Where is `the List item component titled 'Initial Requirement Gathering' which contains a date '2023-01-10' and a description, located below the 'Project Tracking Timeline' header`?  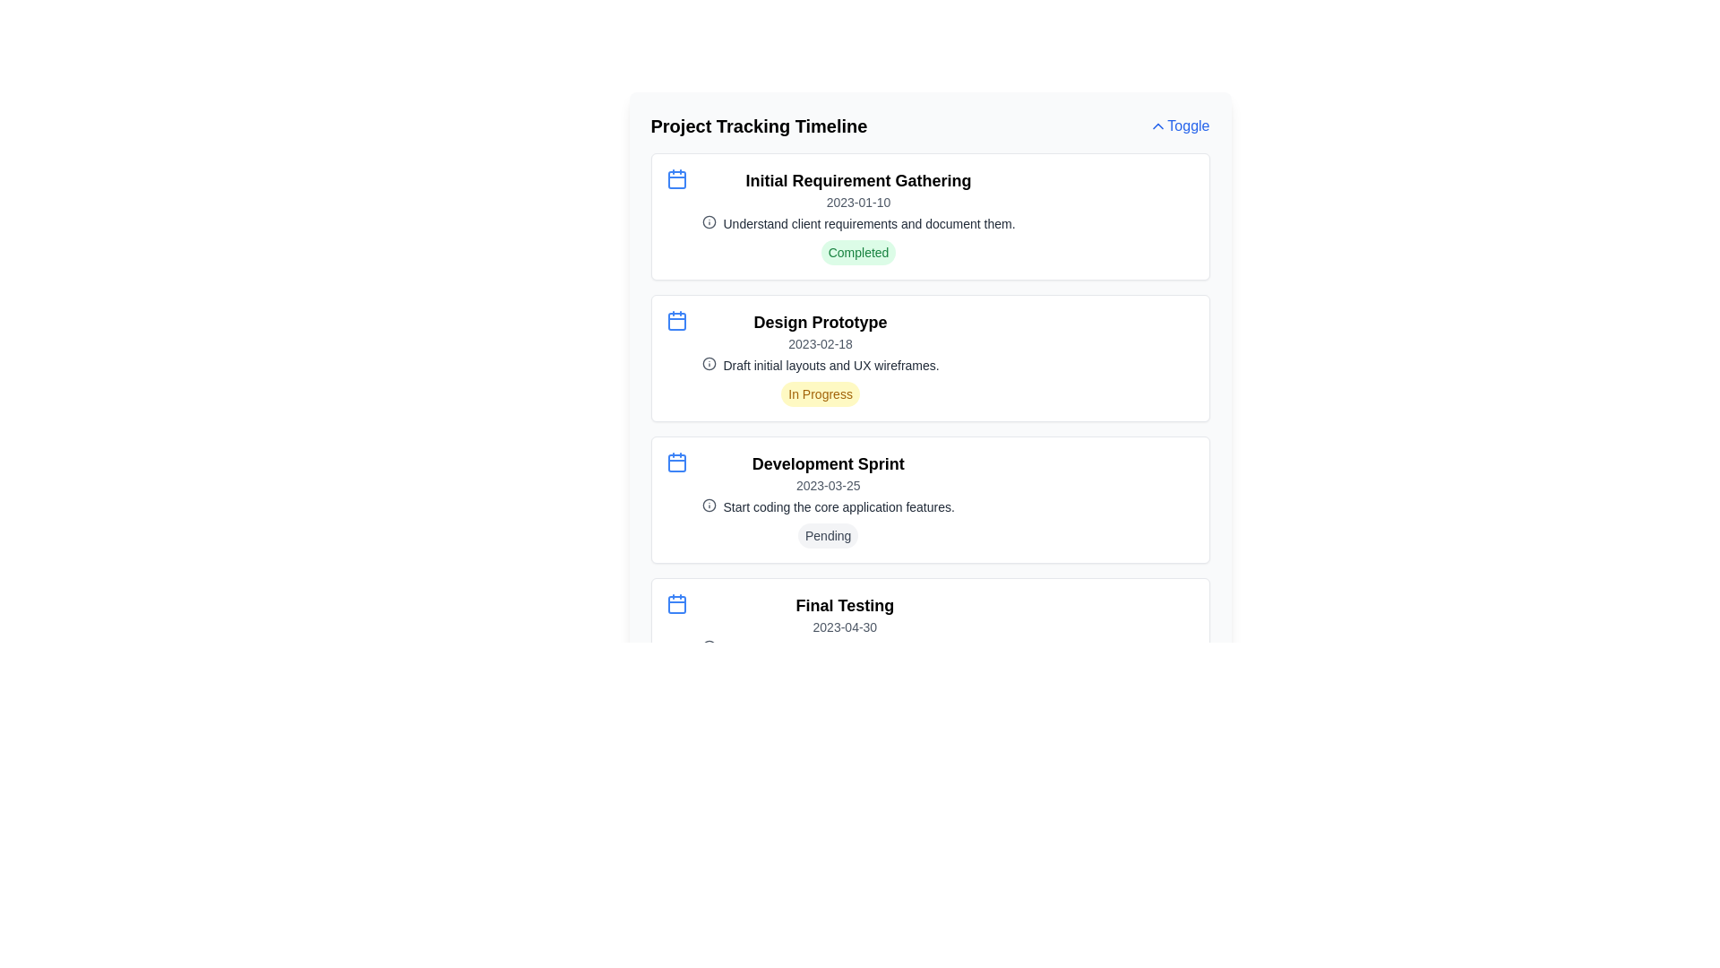 the List item component titled 'Initial Requirement Gathering' which contains a date '2023-01-10' and a description, located below the 'Project Tracking Timeline' header is located at coordinates (930, 216).